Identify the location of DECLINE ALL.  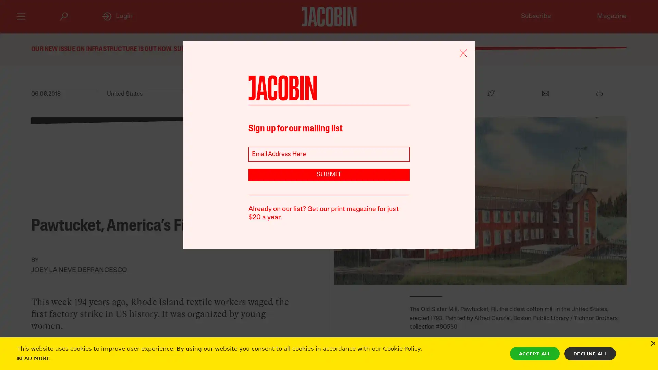
(589, 353).